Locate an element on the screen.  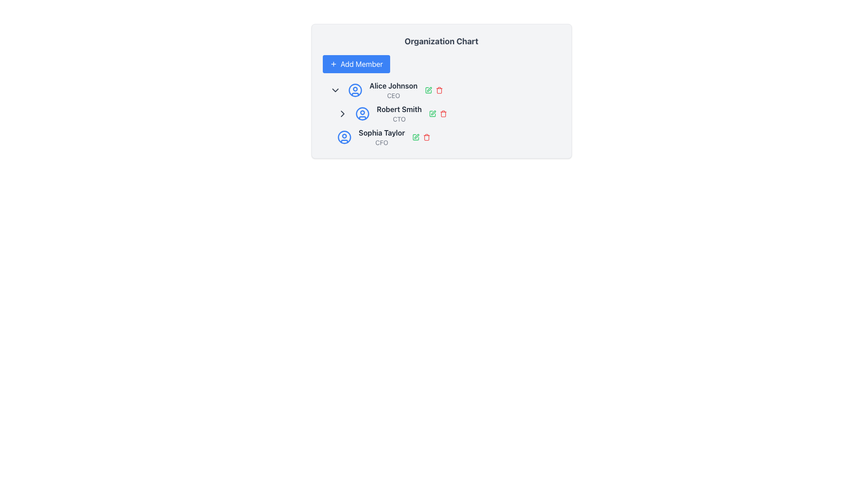
the static text label indicating the role of 'Sophia Taylor' as CFO within the organizational chart, located directly underneath her name and adjacent to the editing and deleting icons is located at coordinates (382, 142).